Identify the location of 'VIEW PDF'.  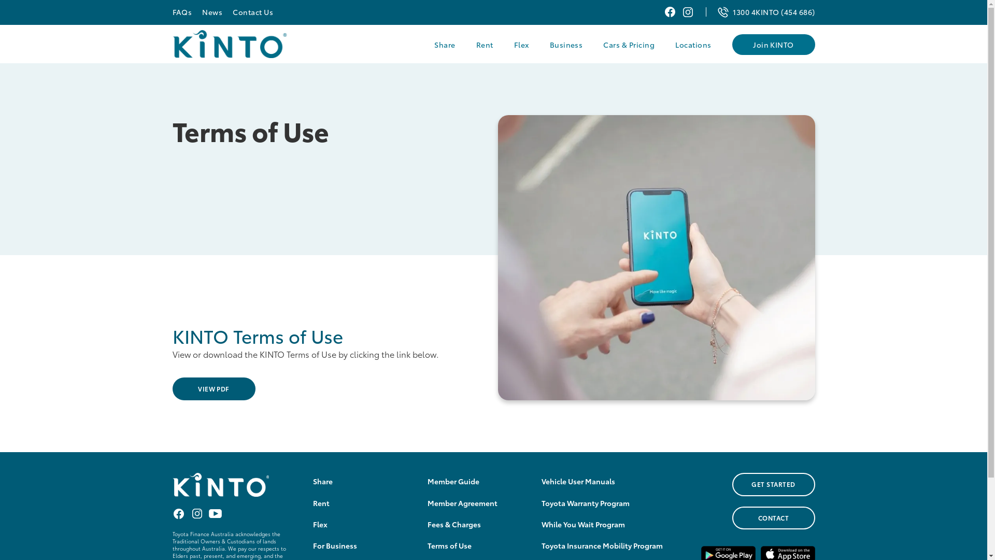
(172, 388).